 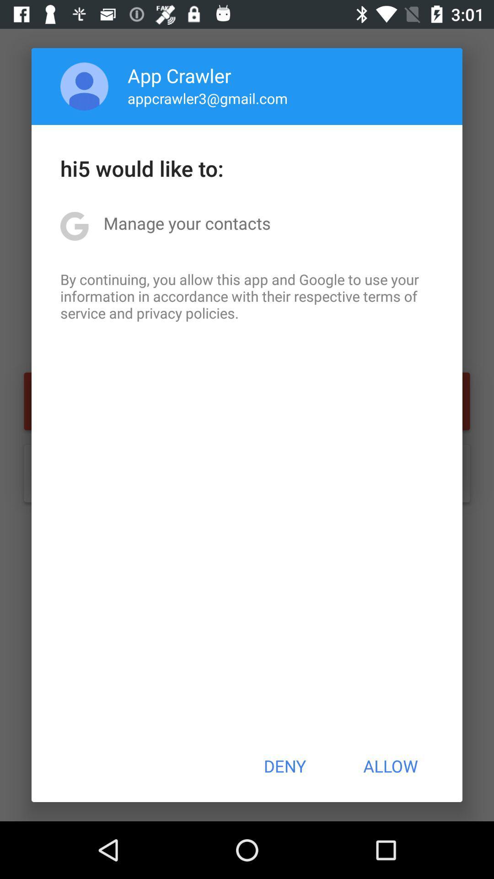 What do you see at coordinates (187, 223) in the screenshot?
I see `icon above by continuing you` at bounding box center [187, 223].